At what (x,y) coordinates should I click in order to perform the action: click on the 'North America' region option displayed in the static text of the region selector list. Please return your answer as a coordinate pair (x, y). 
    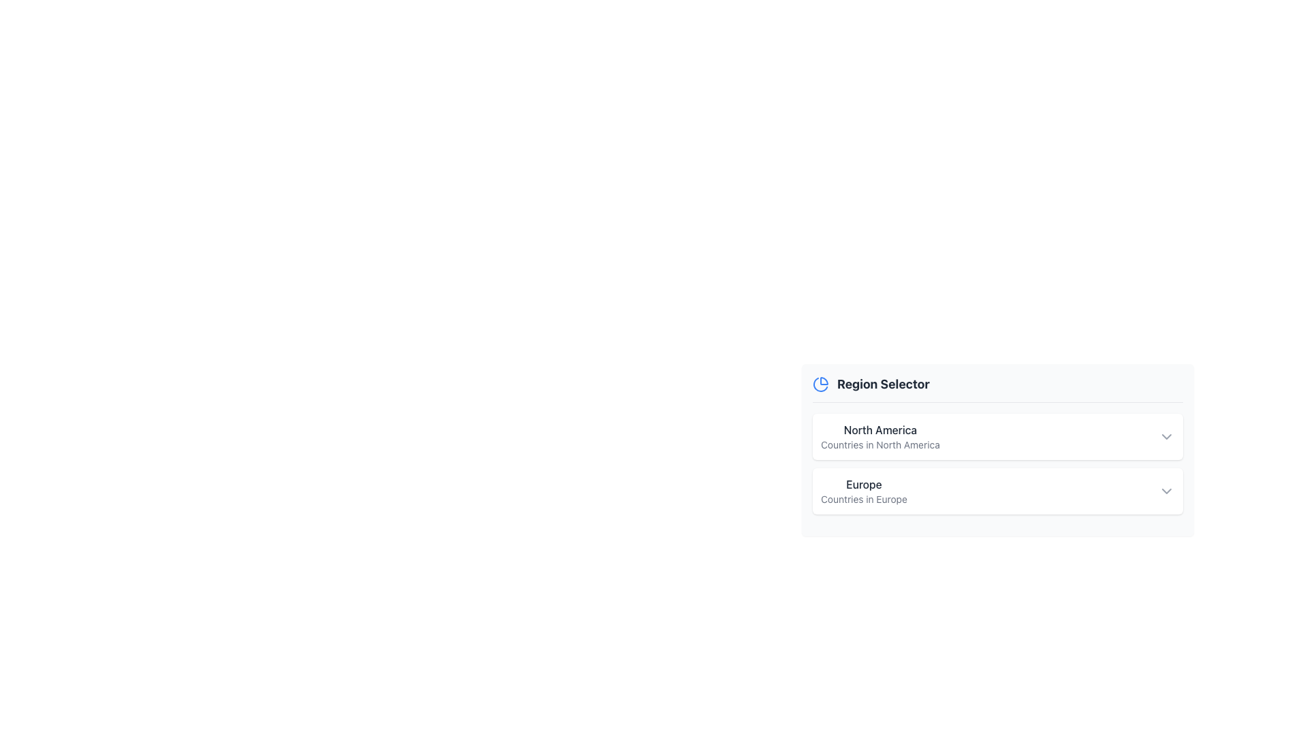
    Looking at the image, I should click on (880, 436).